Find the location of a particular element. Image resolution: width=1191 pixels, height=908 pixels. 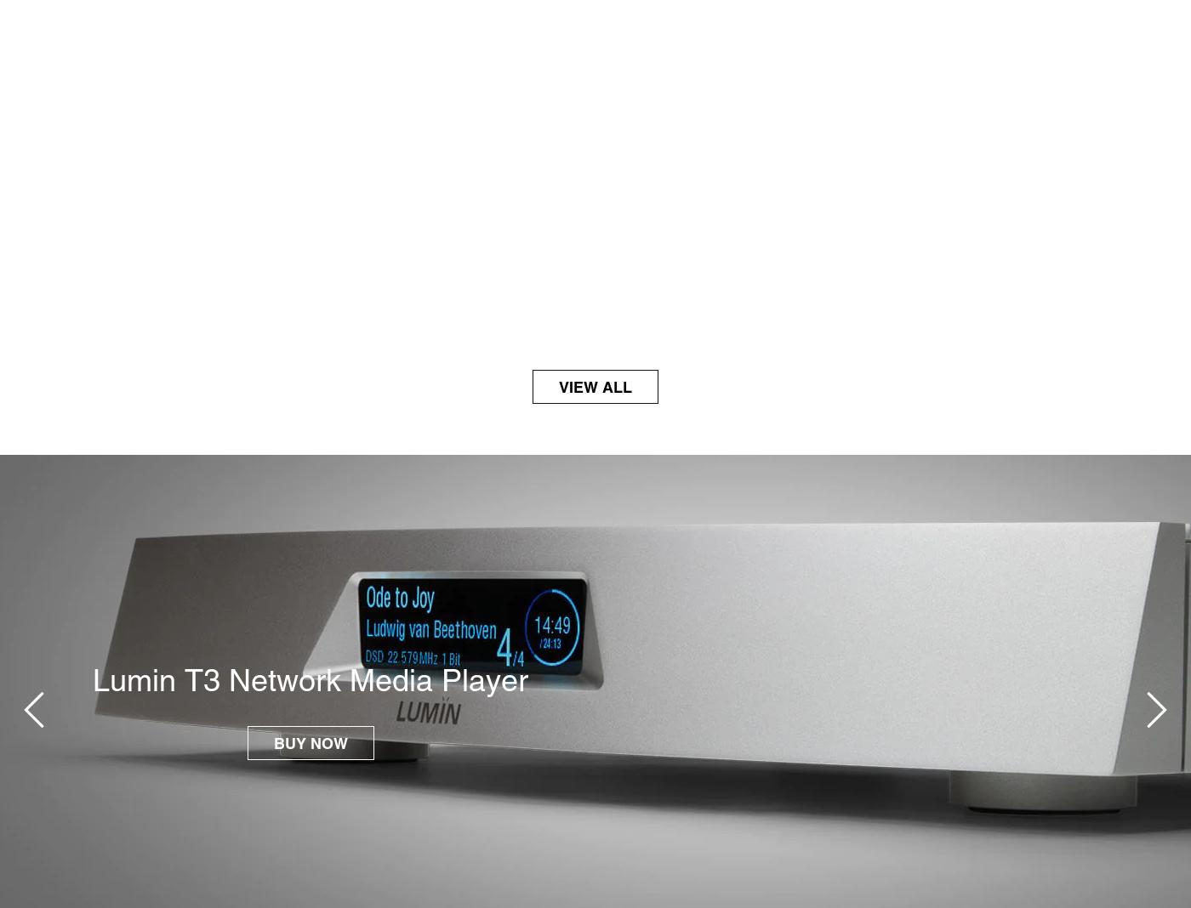

'Marantz Model 40n Integrated Amplifier w/HEOS' is located at coordinates (273, 678).